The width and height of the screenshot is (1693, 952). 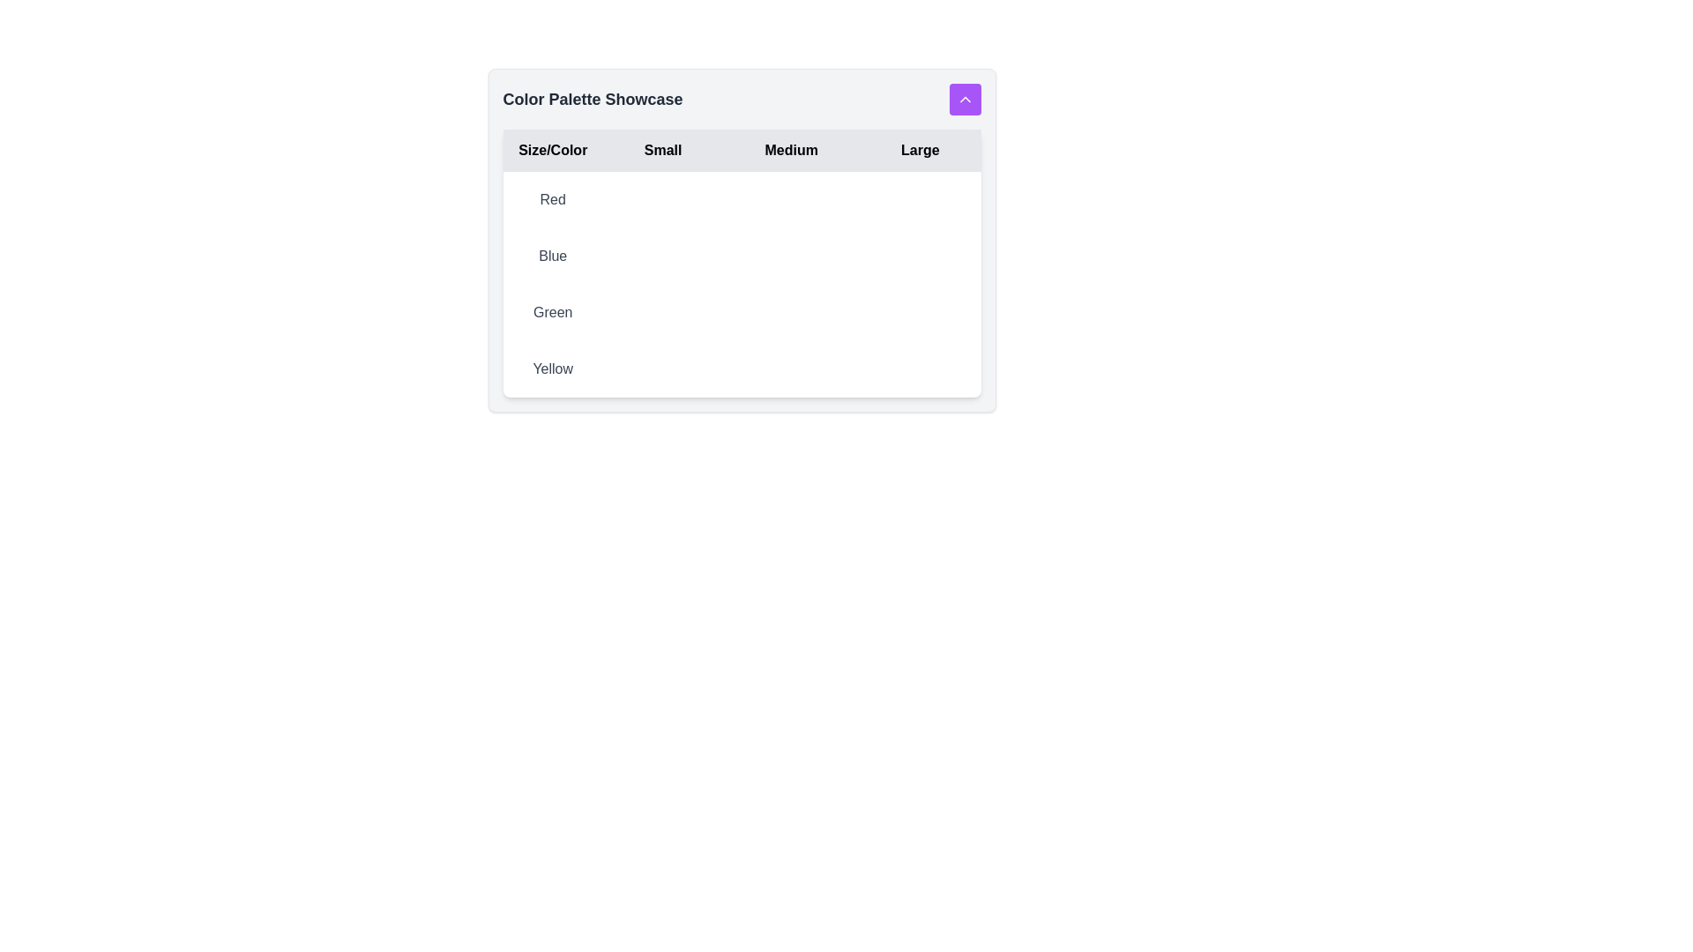 I want to click on the text label displaying 'Medium' which is the third item in the sequence of size labels within the layout next to 'Small' and 'Large.', so click(x=790, y=149).